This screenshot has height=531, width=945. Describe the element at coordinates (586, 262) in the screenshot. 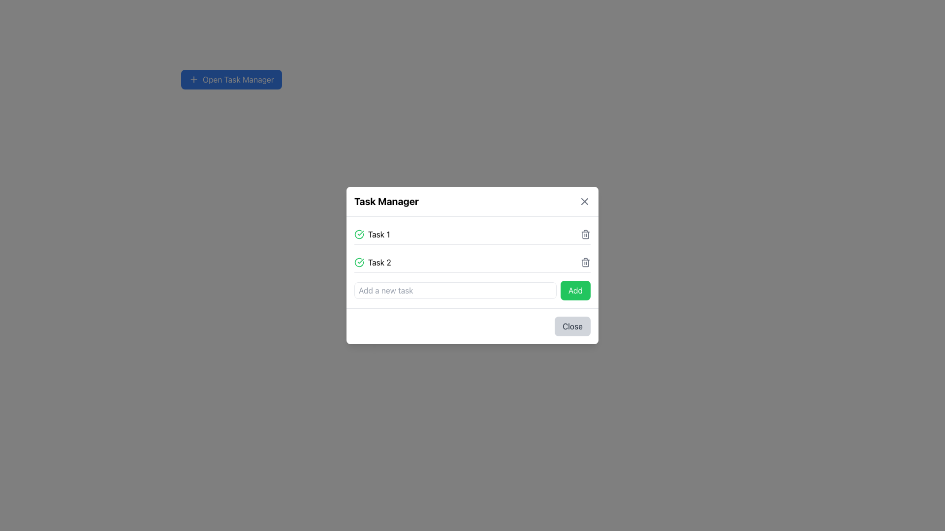

I see `the delete button for 'Task 2' in the 'Task Manager'` at that location.